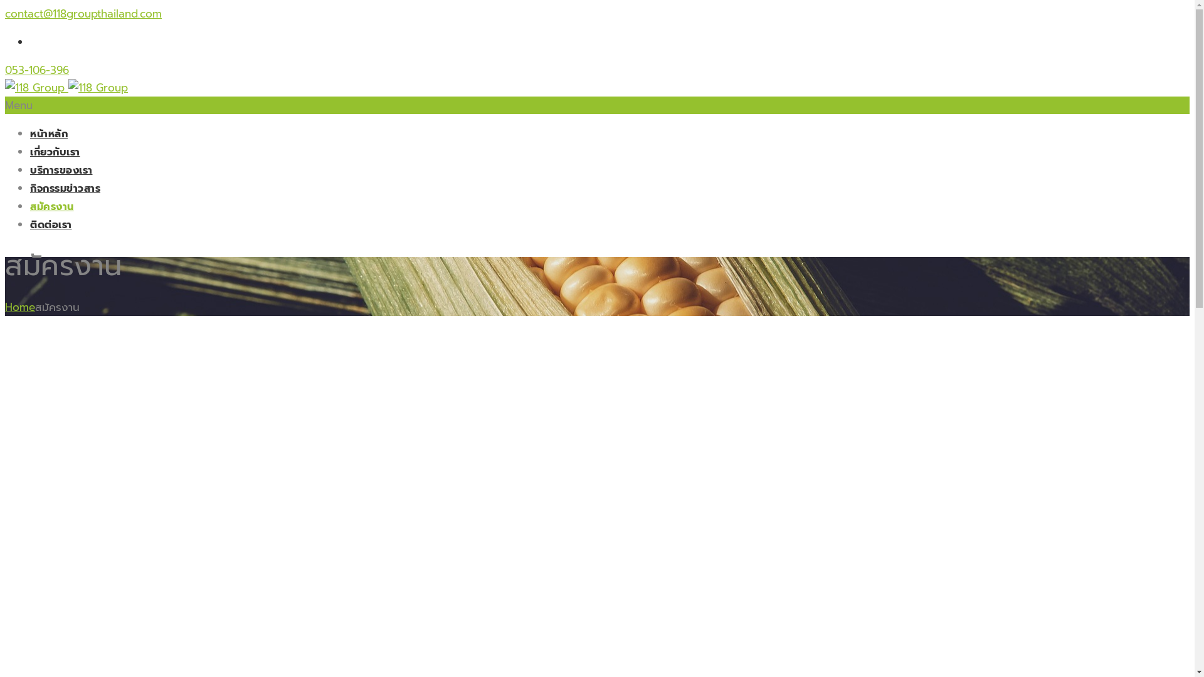  Describe the element at coordinates (36, 70) in the screenshot. I see `'053-106-396'` at that location.